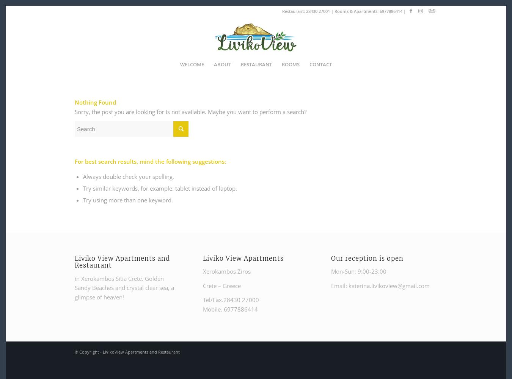  What do you see at coordinates (83, 176) in the screenshot?
I see `'Always double check your spelling.'` at bounding box center [83, 176].